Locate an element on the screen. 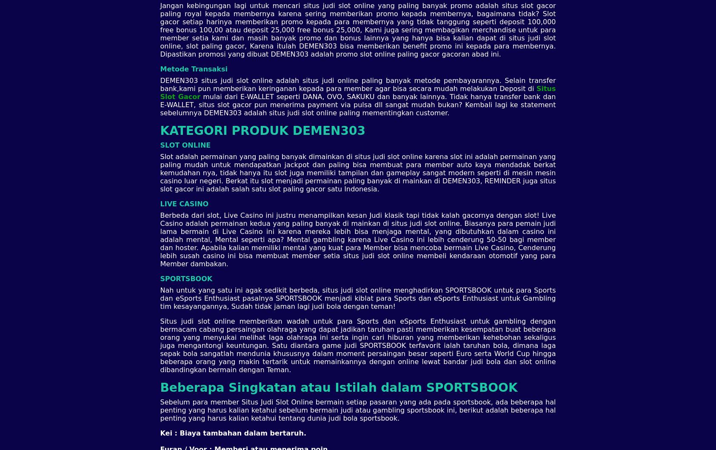  'Nah untuk yang satu ini agak sedikit berbeda, situs judi slot online menghadirkan SPORTSBOOK untuk para Sports dan eSports Enthusiast pasalnya SPORTSBOOK menjadi kiblat para Sports dan eSports Enthusiast untuk Gambling tim kesayangannya, Sudah tidak jaman lagi judi bola dengan teman!' is located at coordinates (357, 297).